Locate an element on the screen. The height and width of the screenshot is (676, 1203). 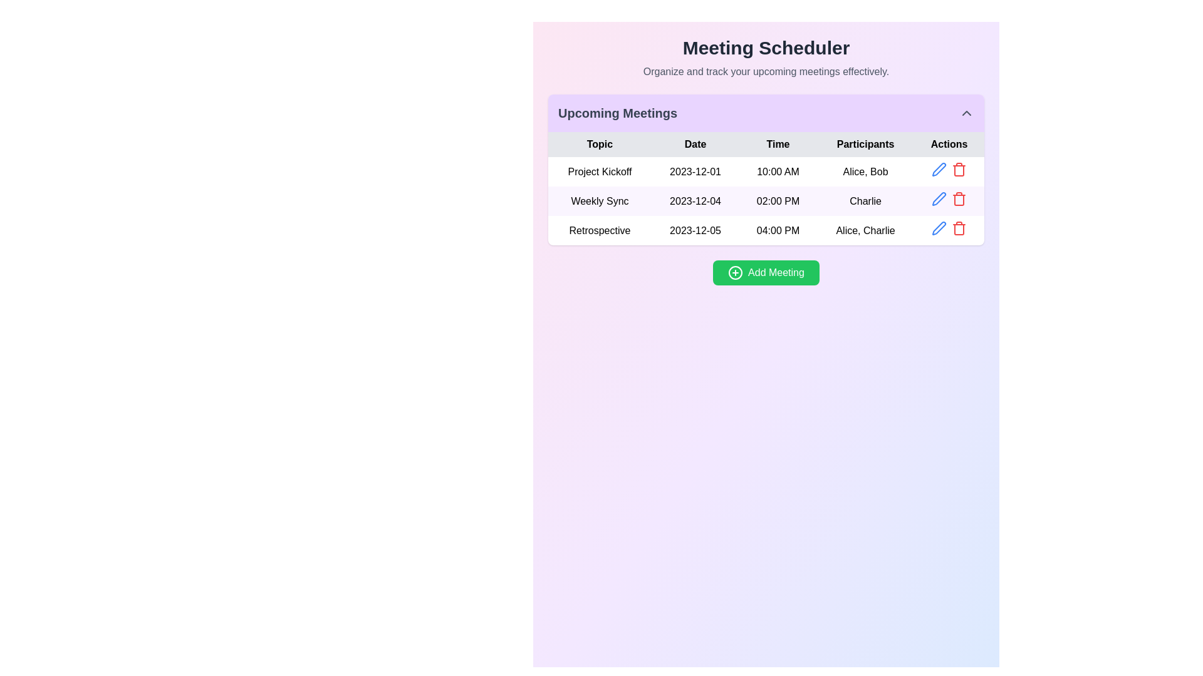
the static text label representing the title or topic of the specific meeting event located in the second row of the 'Upcoming Meetings' section under the 'Topic' column is located at coordinates (599, 200).